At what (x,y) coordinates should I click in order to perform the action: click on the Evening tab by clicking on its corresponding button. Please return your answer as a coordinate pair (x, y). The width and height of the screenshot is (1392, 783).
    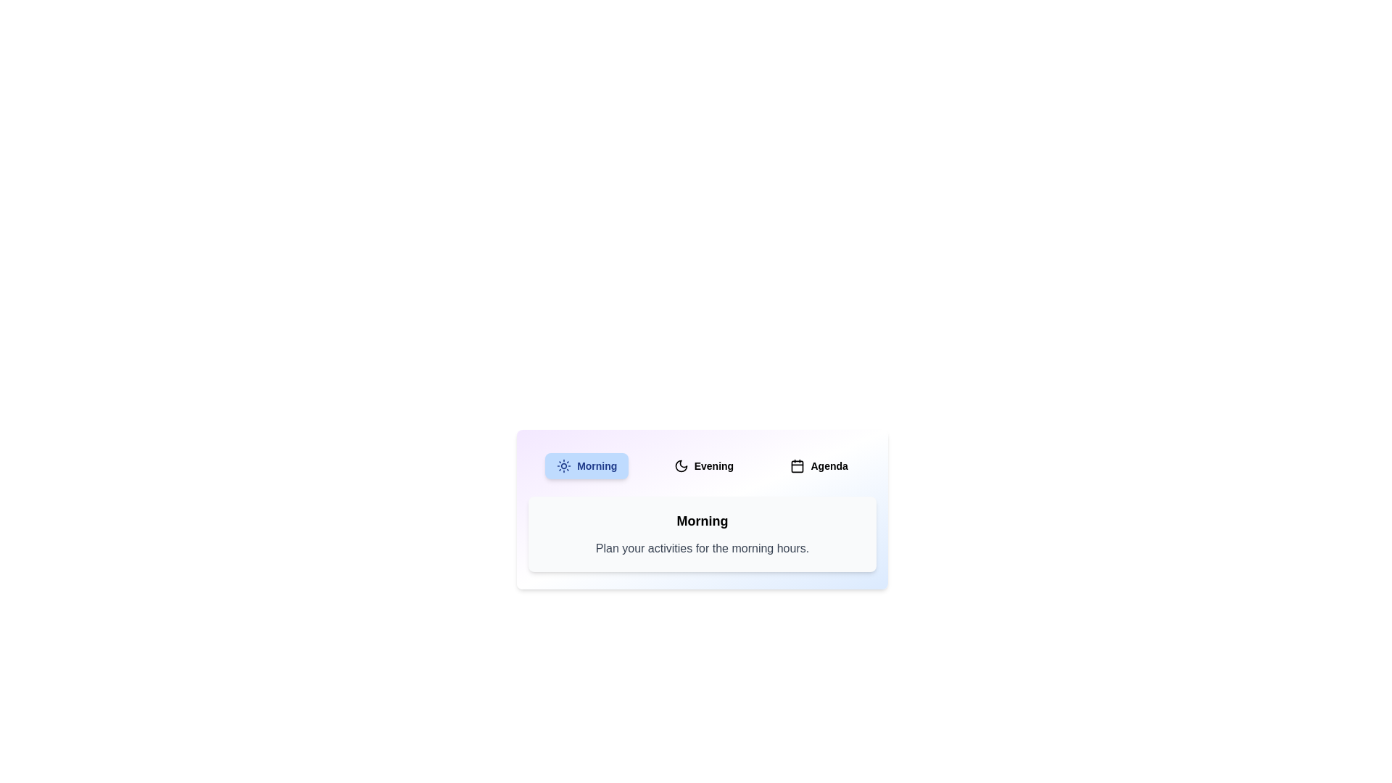
    Looking at the image, I should click on (703, 466).